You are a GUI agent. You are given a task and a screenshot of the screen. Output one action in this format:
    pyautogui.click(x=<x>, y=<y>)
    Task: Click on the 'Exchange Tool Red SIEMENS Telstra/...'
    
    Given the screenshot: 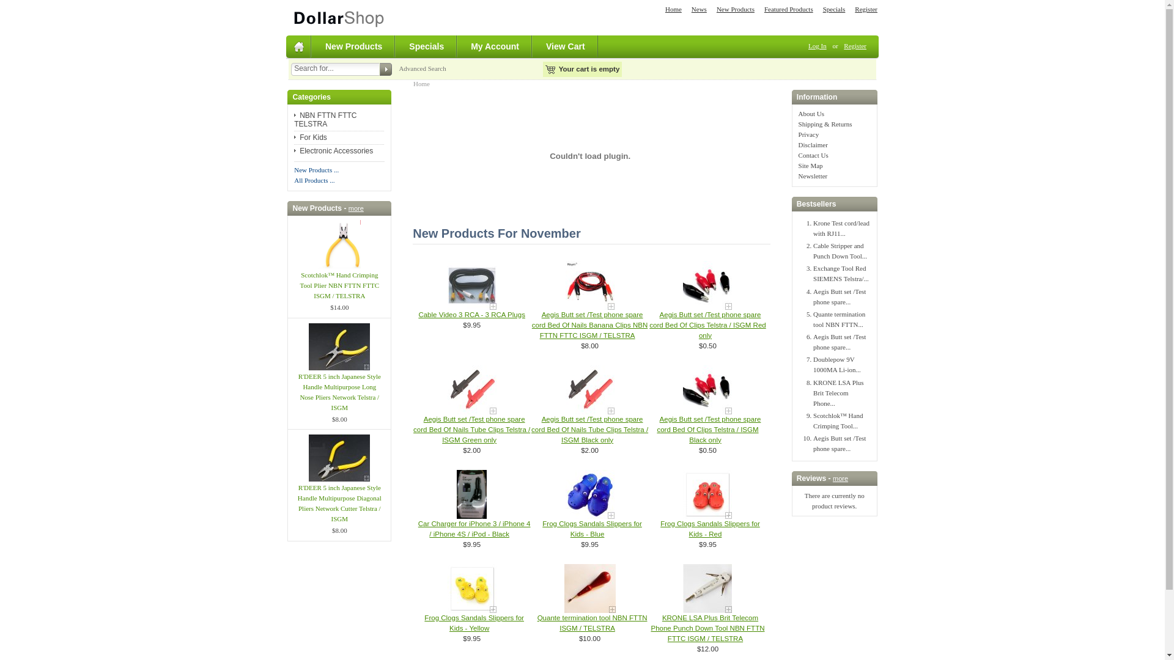 What is the action you would take?
    pyautogui.click(x=813, y=273)
    